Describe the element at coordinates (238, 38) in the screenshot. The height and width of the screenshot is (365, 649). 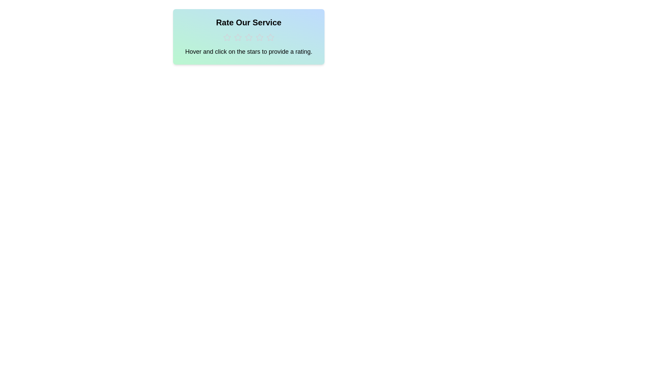
I see `the rating to 2 stars by clicking on the corresponding star` at that location.